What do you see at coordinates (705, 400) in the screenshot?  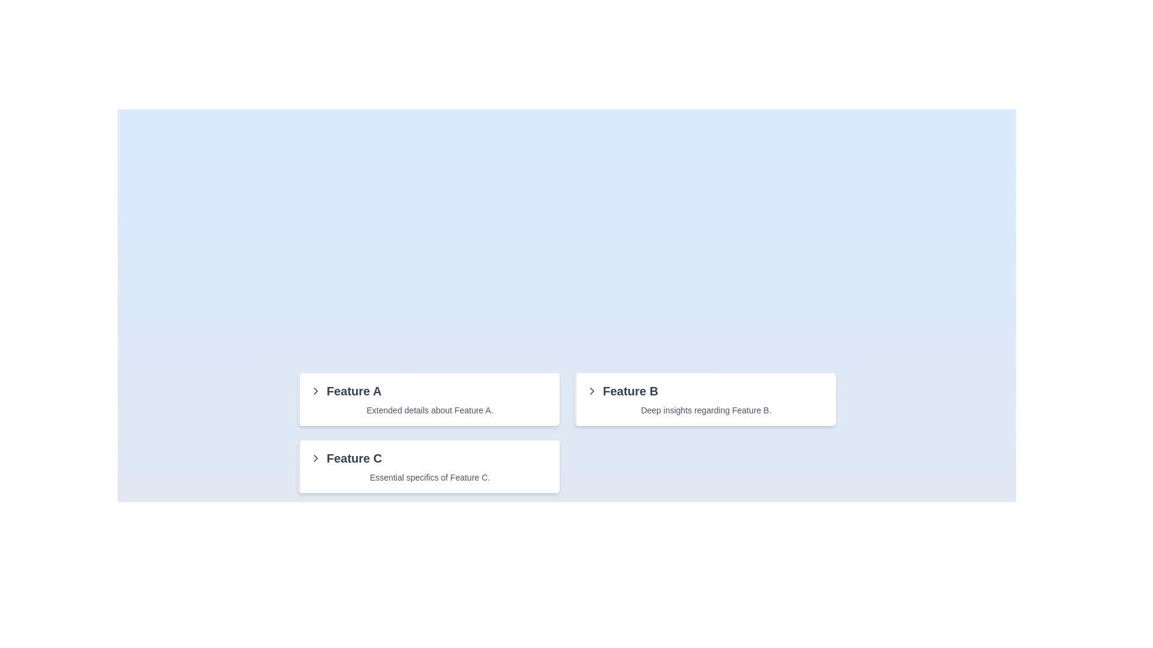 I see `the clickable card that reveals more information related to 'Feature B', located at the top-right of the section in a grid layout` at bounding box center [705, 400].